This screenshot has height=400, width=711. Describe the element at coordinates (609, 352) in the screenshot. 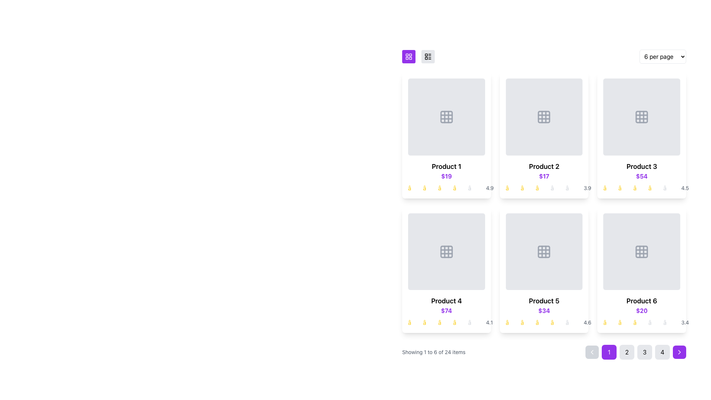

I see `the pagination button that navigates to the first page, located at the bottom-right of the interface` at that location.